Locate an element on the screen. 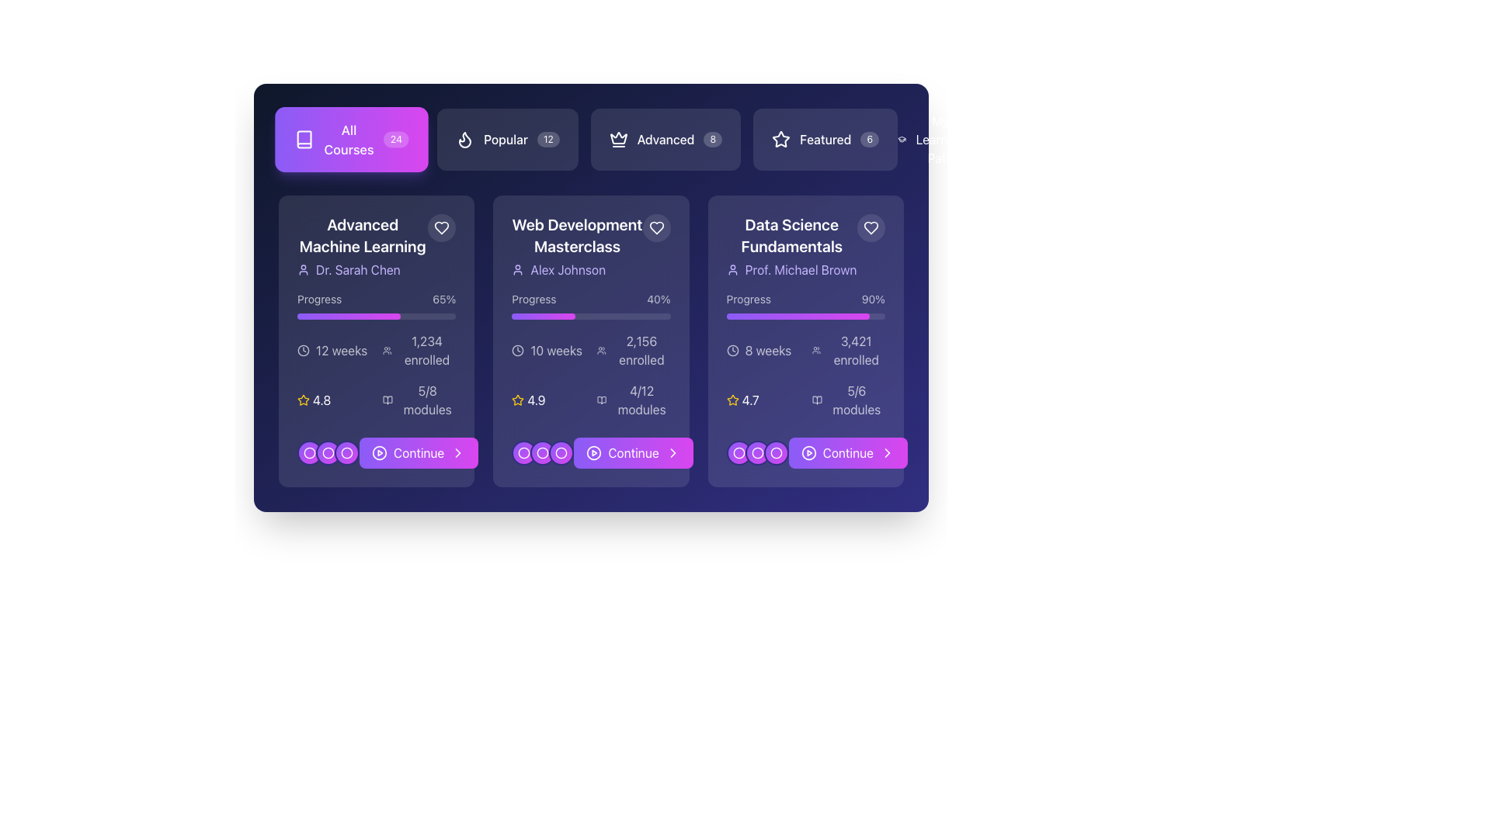  the first circular progress indicator at the bottom of the 'Web Development Masterclass' card is located at coordinates (524, 452).